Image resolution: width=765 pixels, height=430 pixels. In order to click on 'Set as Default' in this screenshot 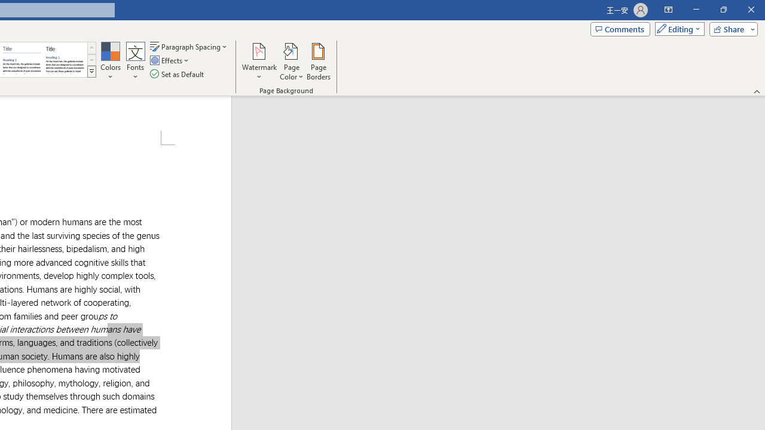, I will do `click(178, 74)`.